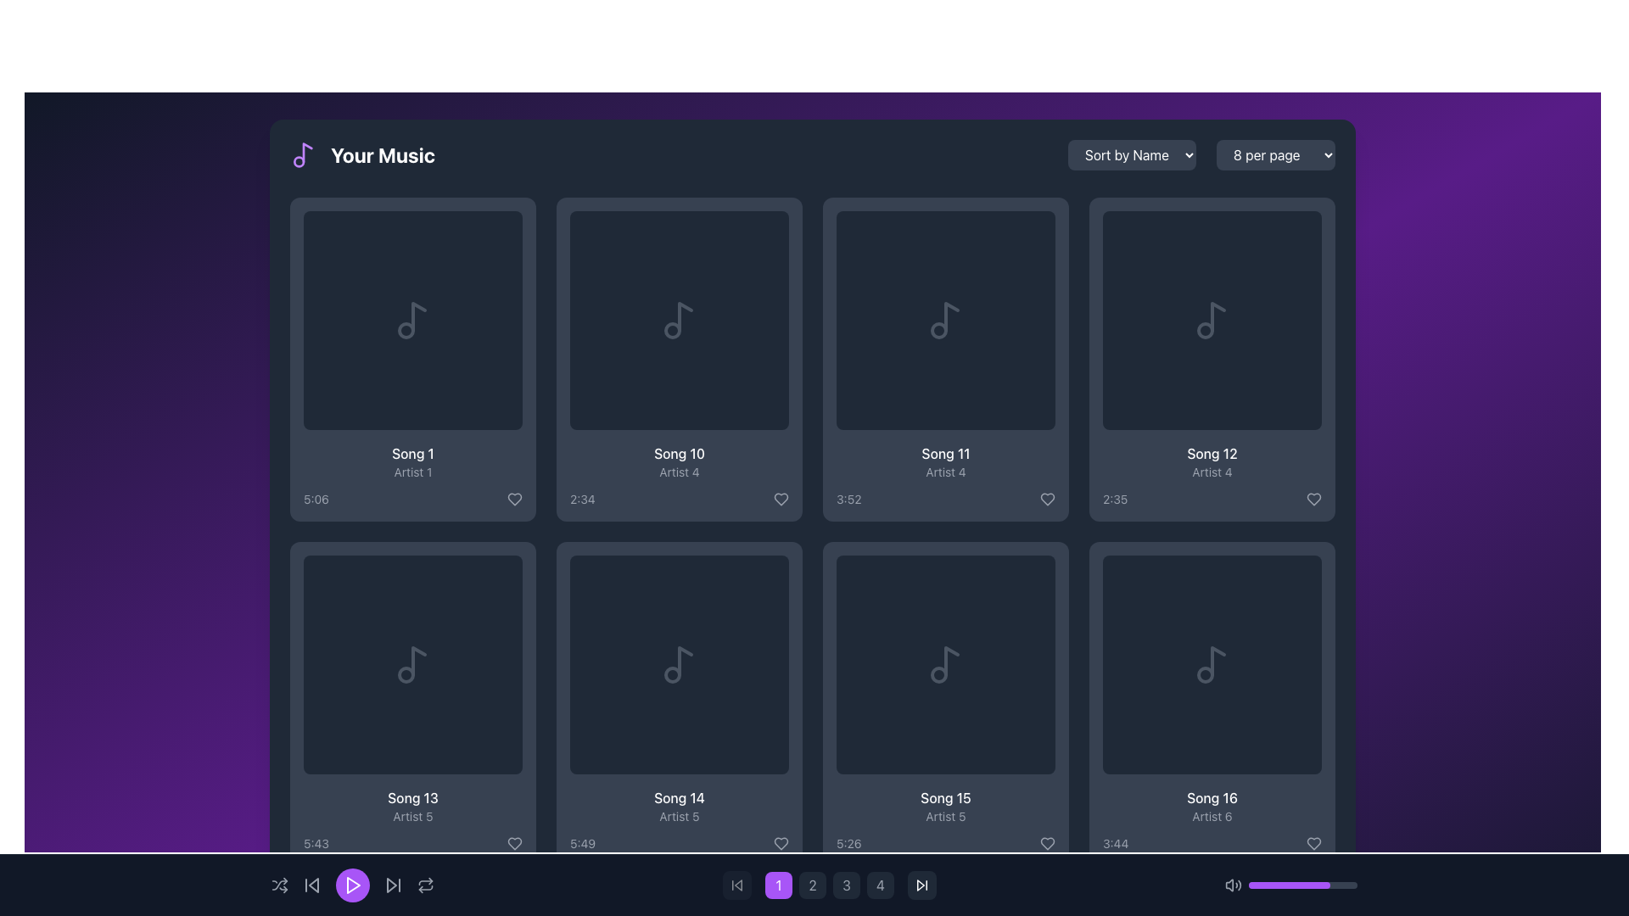 This screenshot has width=1629, height=916. Describe the element at coordinates (419, 317) in the screenshot. I see `the decorative SVG graphical element shaped like a musical note stem, which is centrally placed within the first card of a grid displaying various songs` at that location.